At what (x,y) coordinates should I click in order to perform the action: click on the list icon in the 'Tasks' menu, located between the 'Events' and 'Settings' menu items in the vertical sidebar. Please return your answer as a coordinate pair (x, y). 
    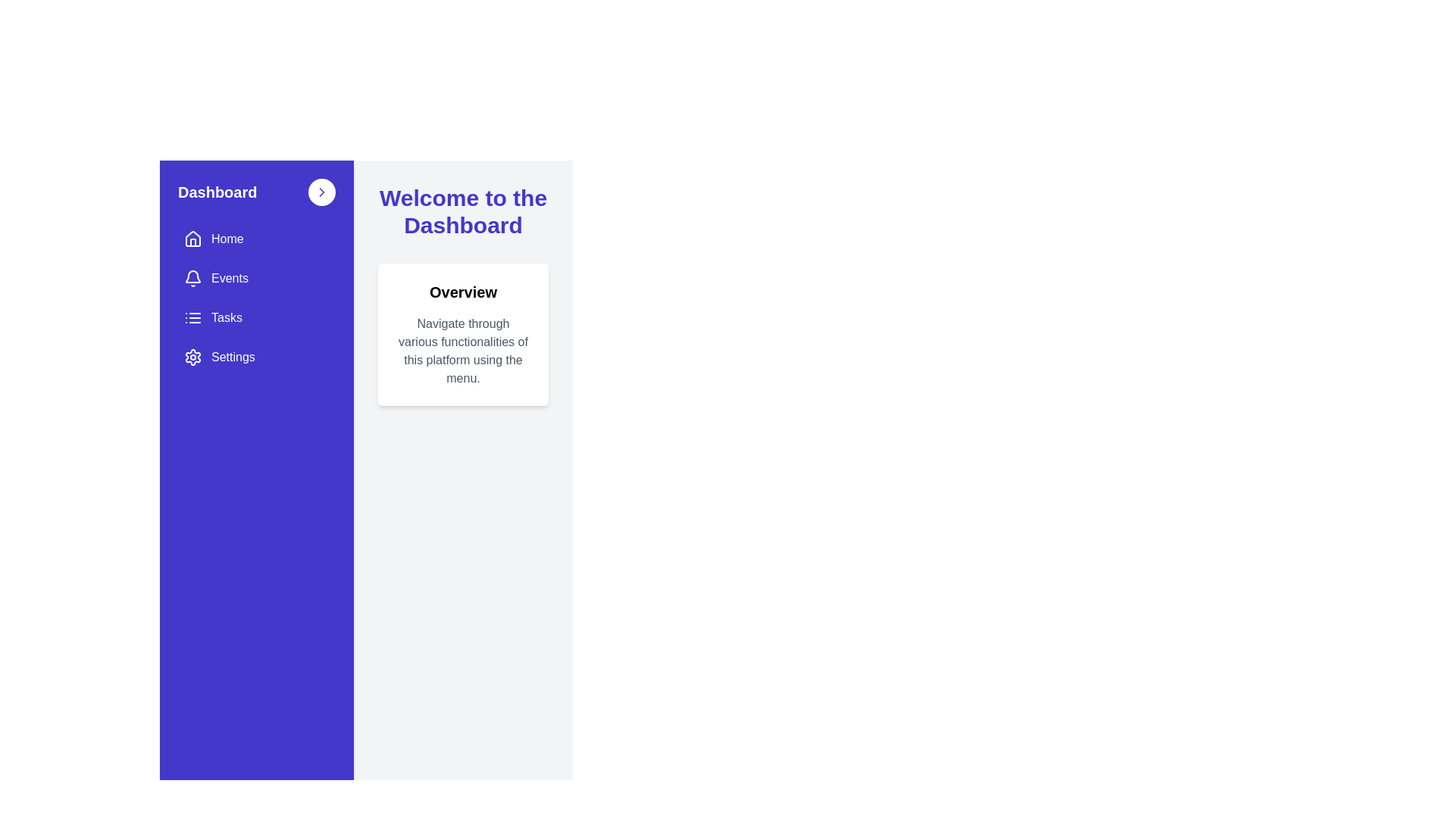
    Looking at the image, I should click on (192, 317).